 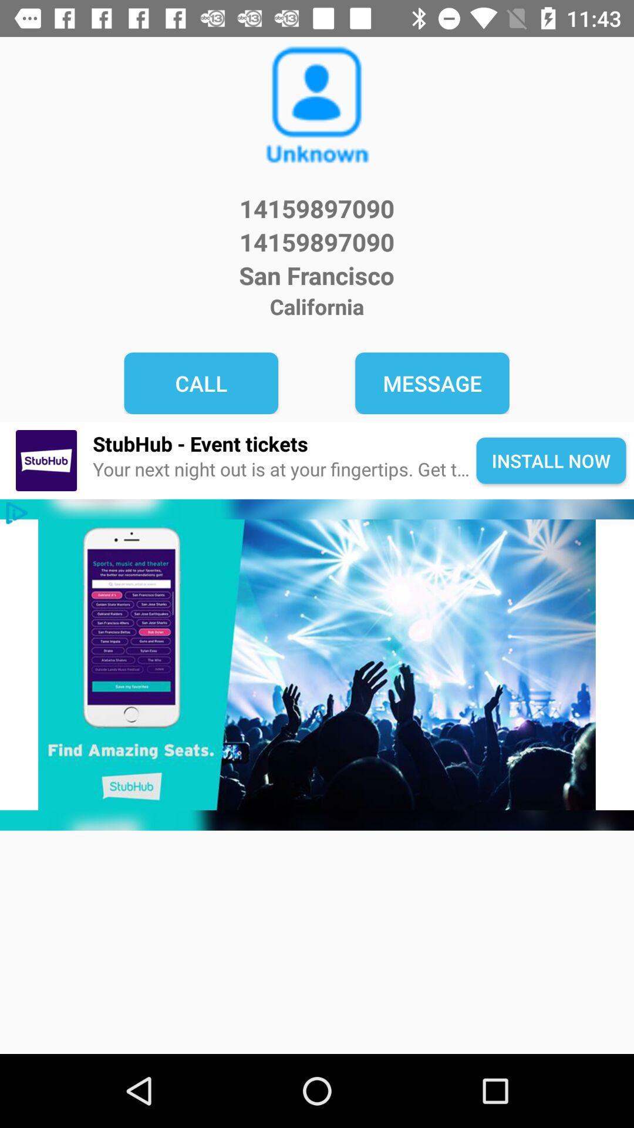 I want to click on stubhub - event tickets item, so click(x=284, y=443).